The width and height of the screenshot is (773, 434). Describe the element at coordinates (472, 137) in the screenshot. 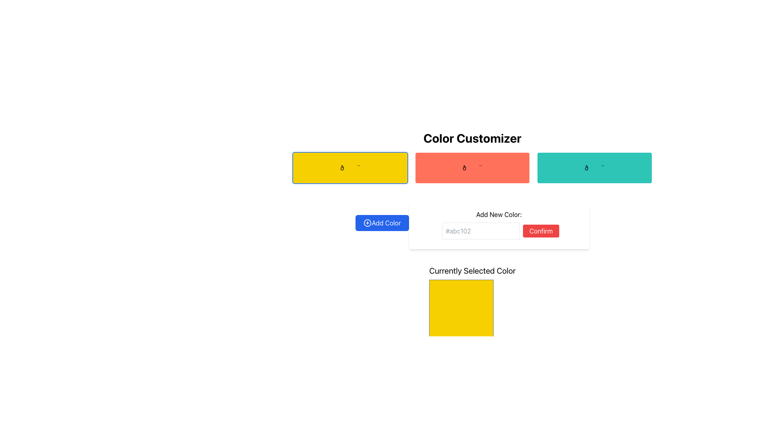

I see `the text label that reads 'Color Customizer', which is centrally located near the top of the user interface above the color buttons` at that location.